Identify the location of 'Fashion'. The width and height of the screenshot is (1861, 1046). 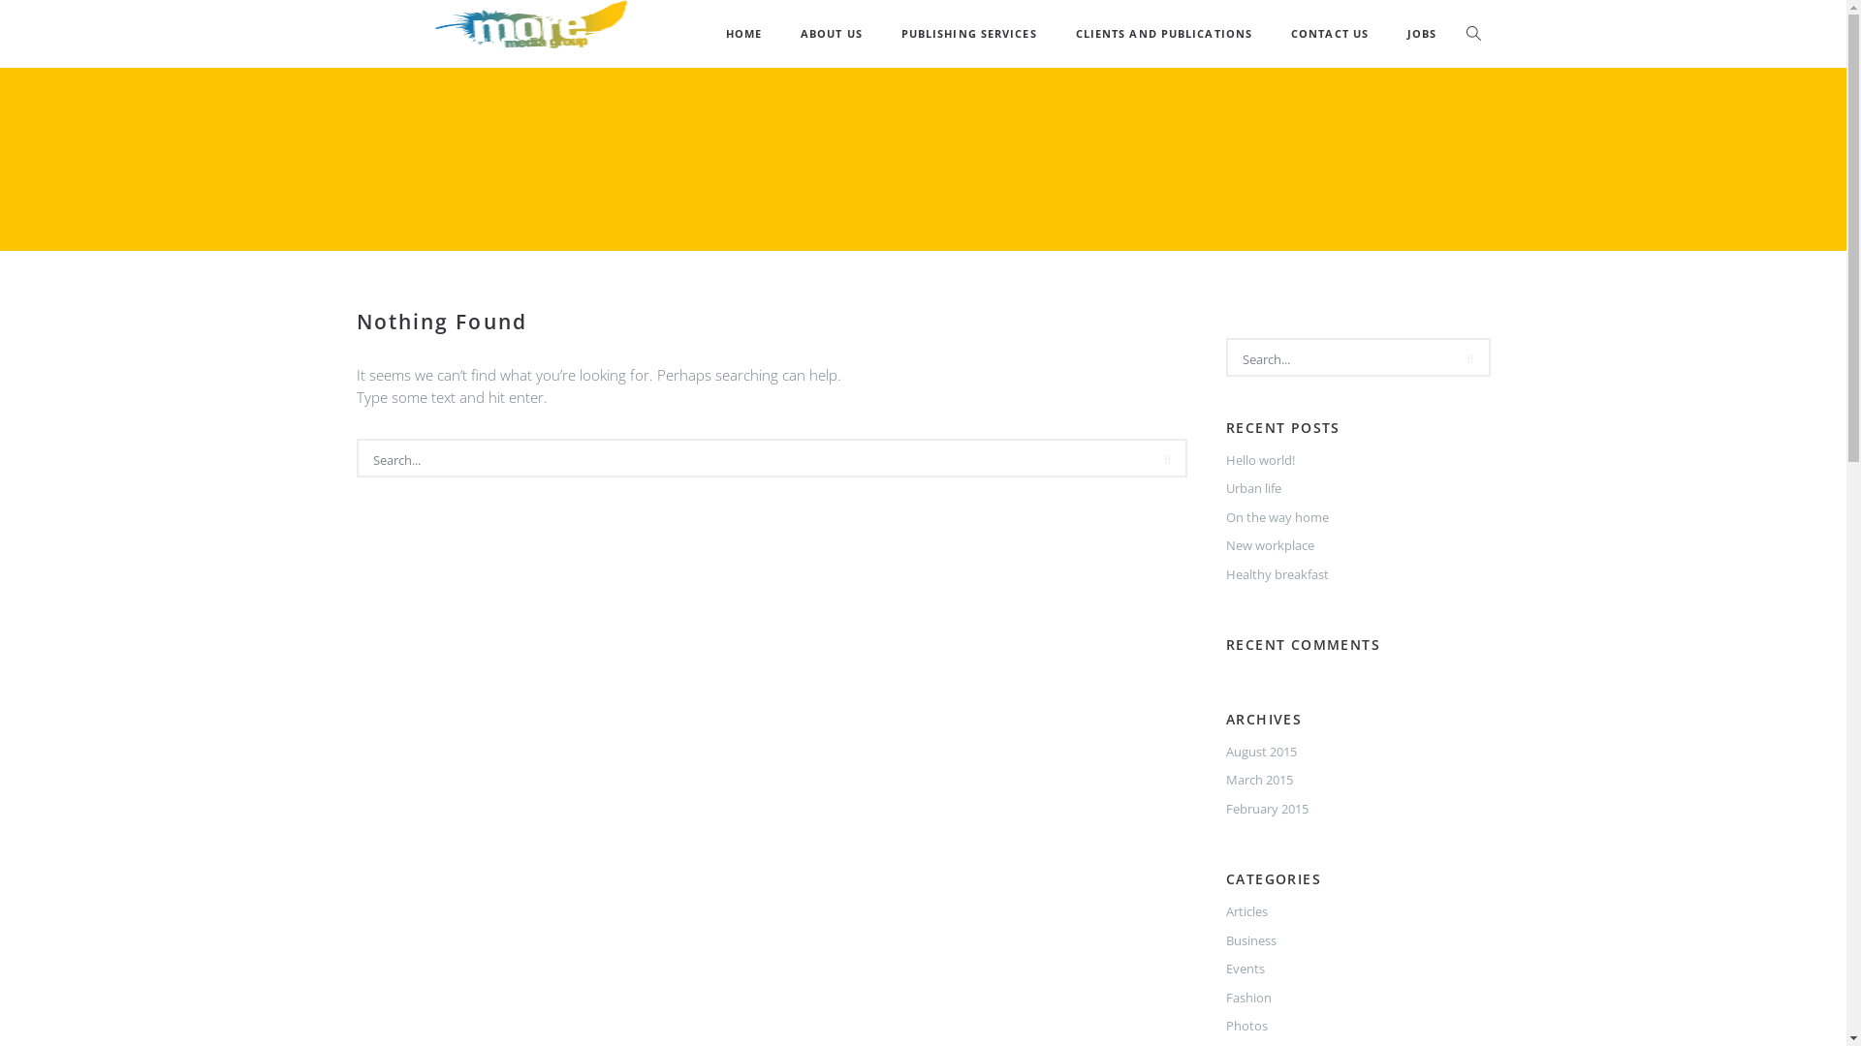
(1248, 997).